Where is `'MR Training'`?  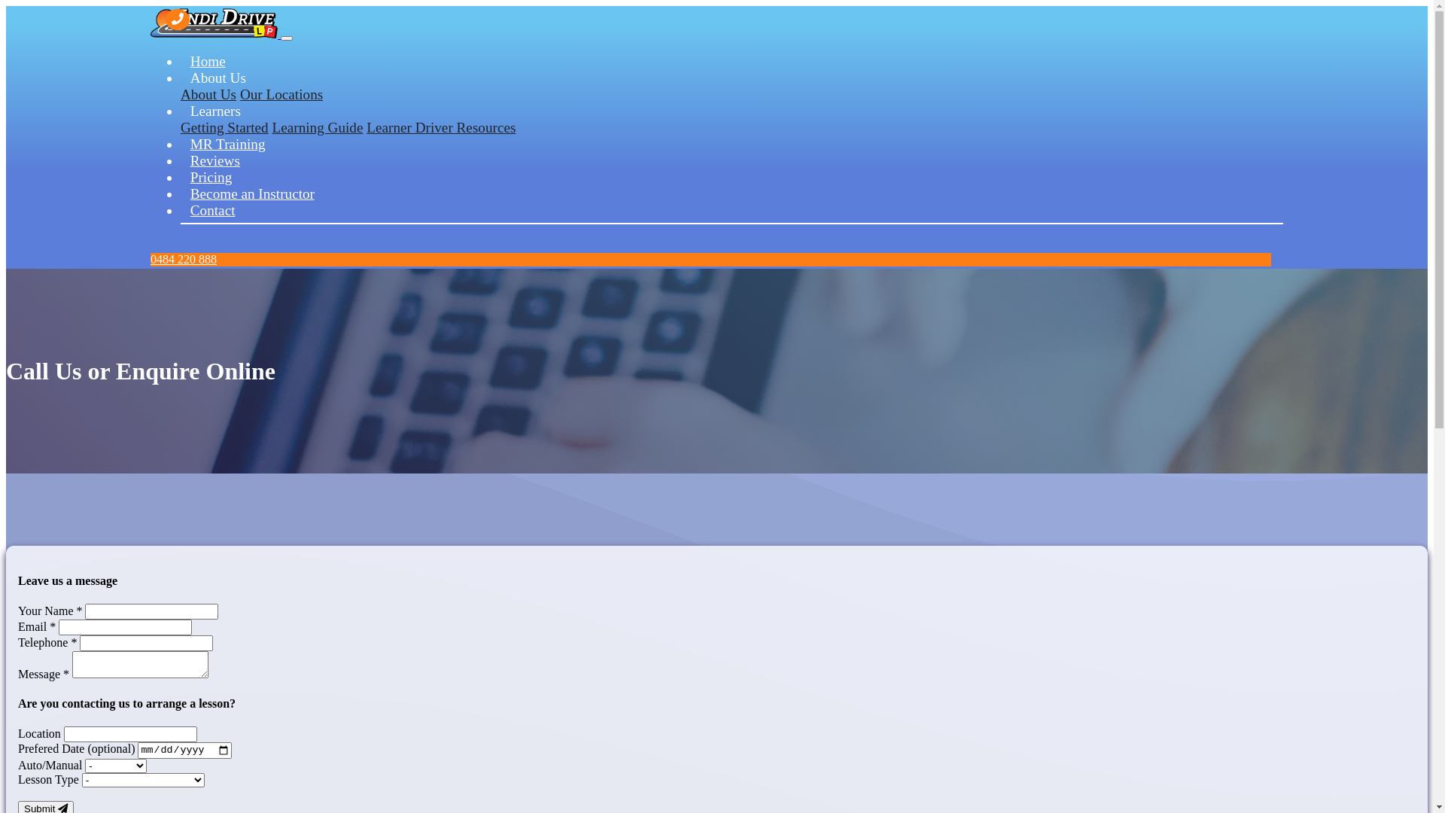 'MR Training' is located at coordinates (227, 144).